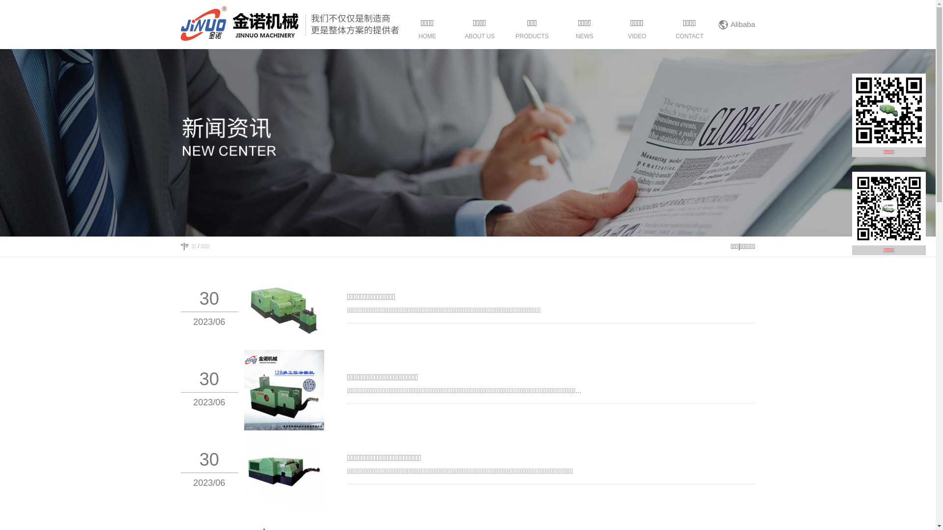  I want to click on 'Alibaba', so click(743, 24).